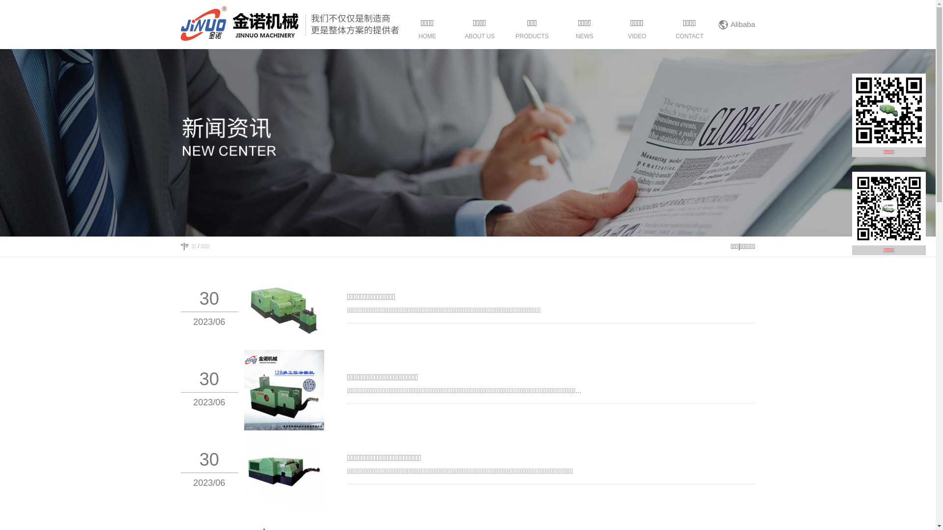  I want to click on 'Alibaba', so click(743, 24).